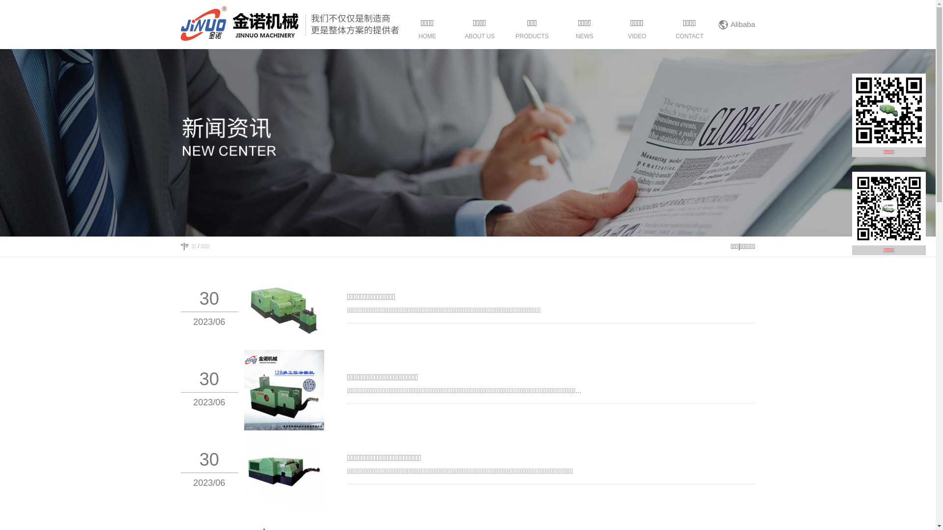  I want to click on 'Alibaba', so click(743, 24).